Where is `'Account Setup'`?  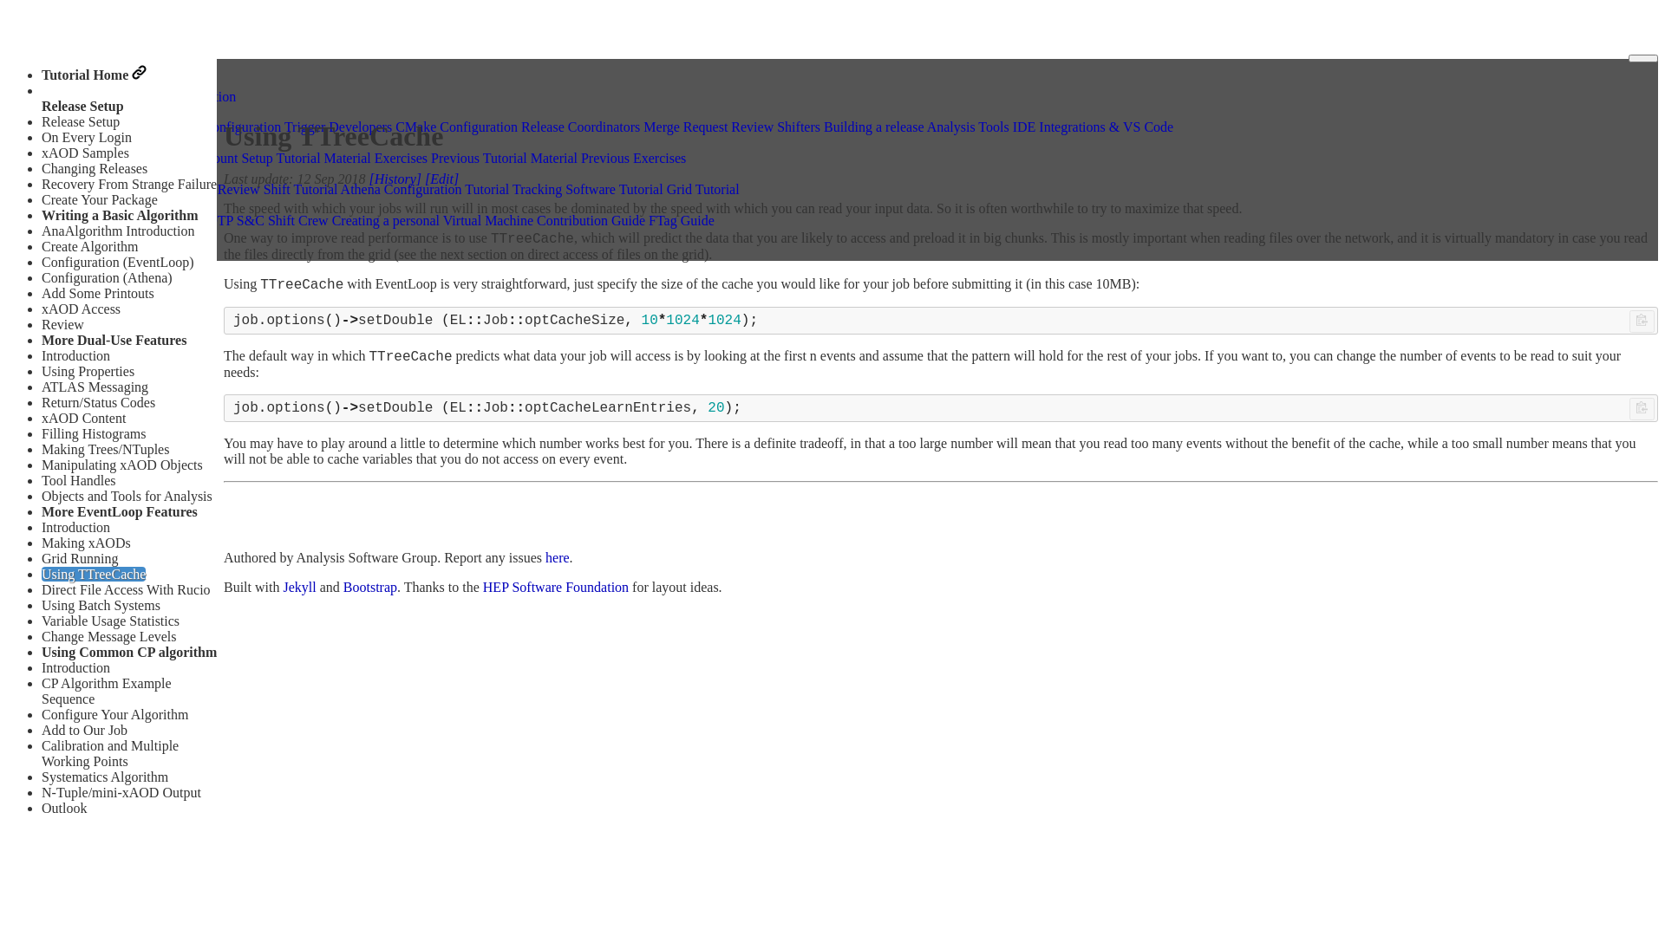
'Account Setup' is located at coordinates (231, 158).